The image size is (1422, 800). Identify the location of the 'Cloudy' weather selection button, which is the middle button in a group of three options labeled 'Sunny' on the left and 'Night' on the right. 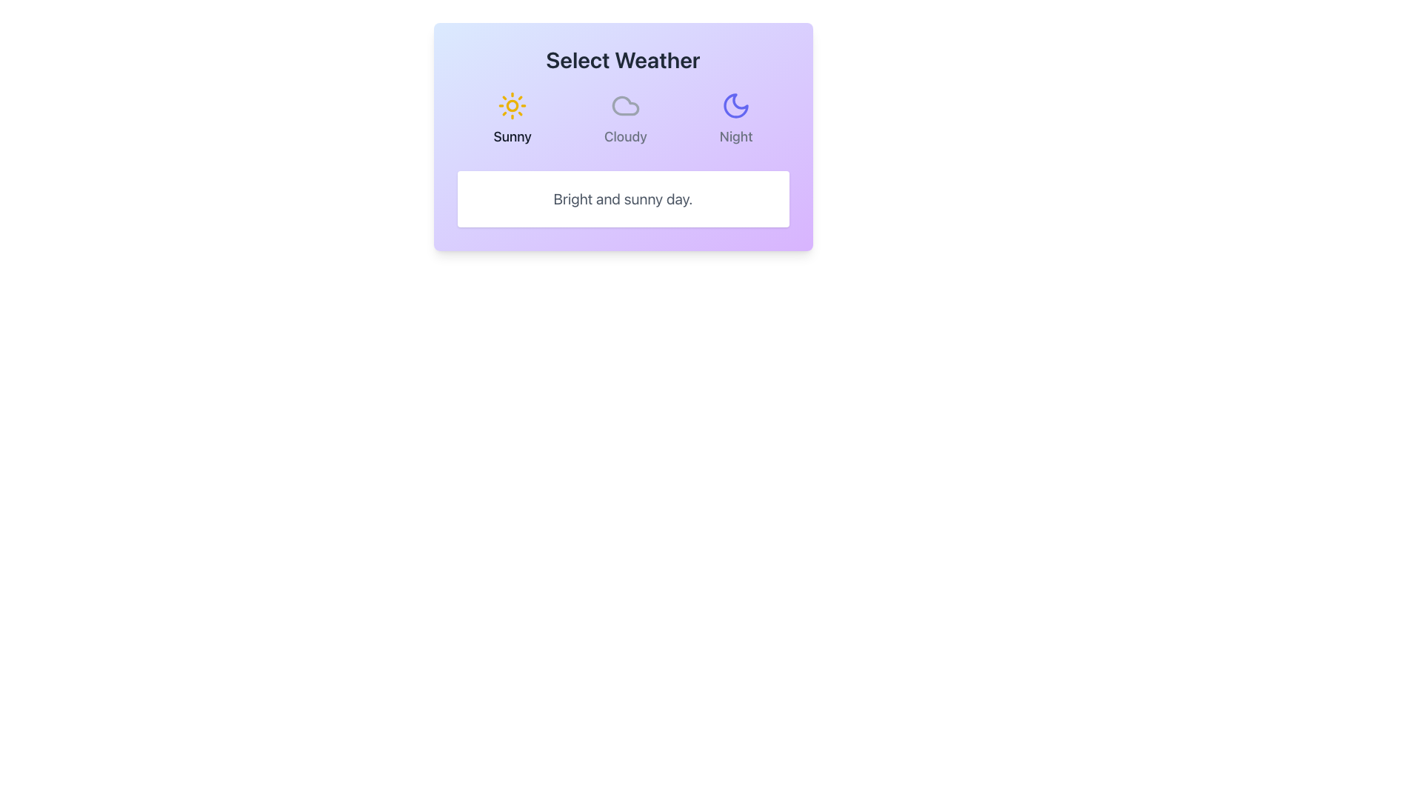
(625, 119).